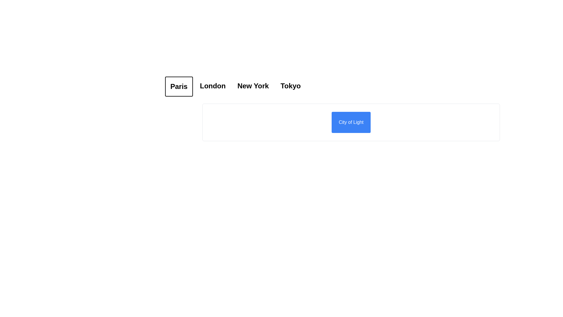 Image resolution: width=563 pixels, height=317 pixels. I want to click on the third item in the list of city names, so click(253, 86).